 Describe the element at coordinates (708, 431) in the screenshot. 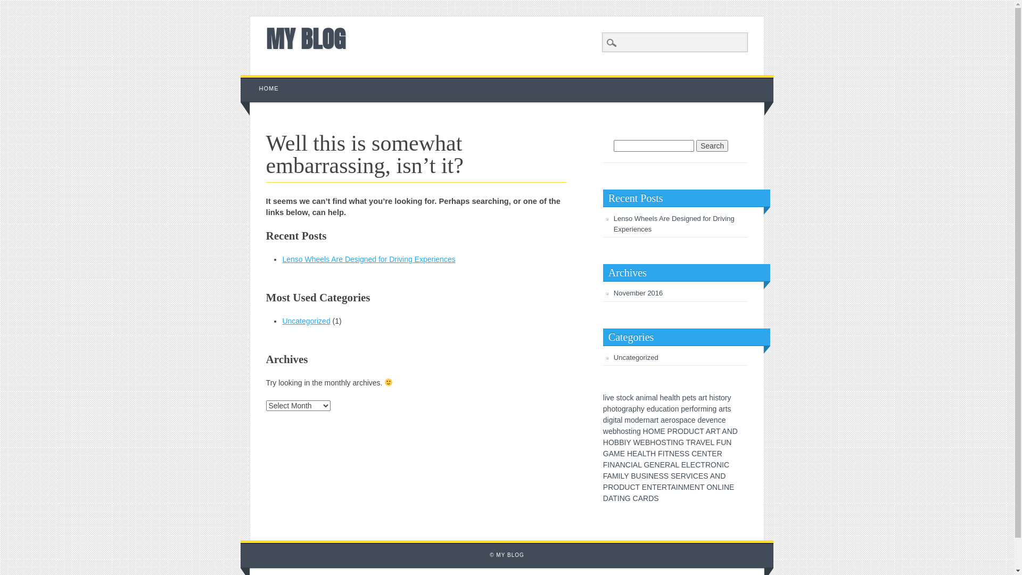

I see `'A'` at that location.